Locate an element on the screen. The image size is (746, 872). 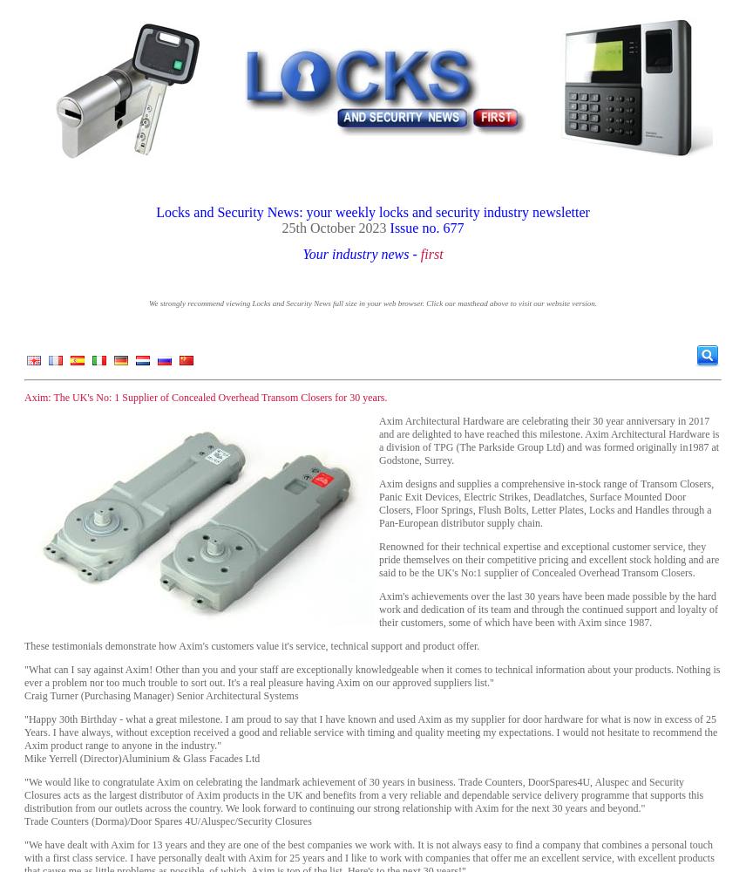
'Trade Counters (Dorma)/Door Spares 4U/Aluspec/Security Closures' is located at coordinates (24, 821).